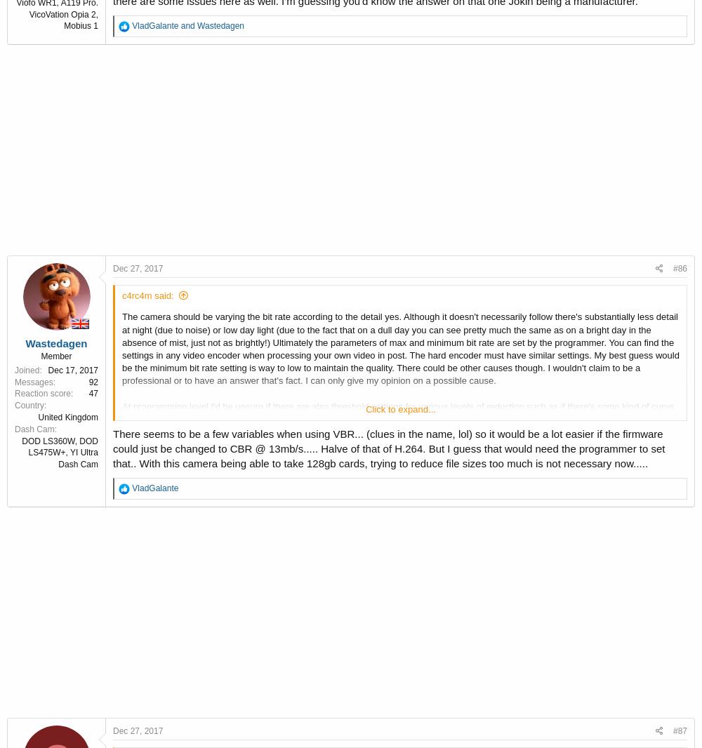 This screenshot has height=748, width=702. What do you see at coordinates (178, 25) in the screenshot?
I see `'and'` at bounding box center [178, 25].